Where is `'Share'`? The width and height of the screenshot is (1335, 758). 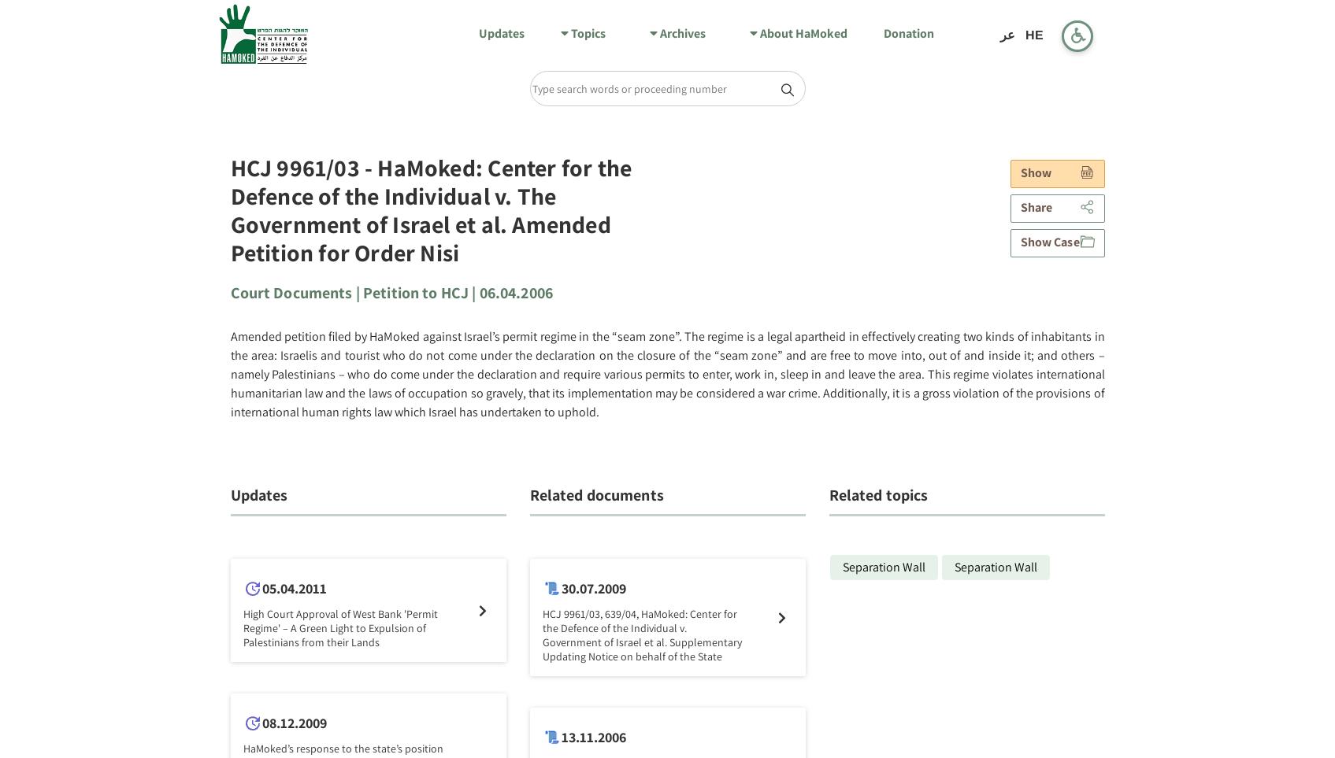
'Share' is located at coordinates (1036, 206).